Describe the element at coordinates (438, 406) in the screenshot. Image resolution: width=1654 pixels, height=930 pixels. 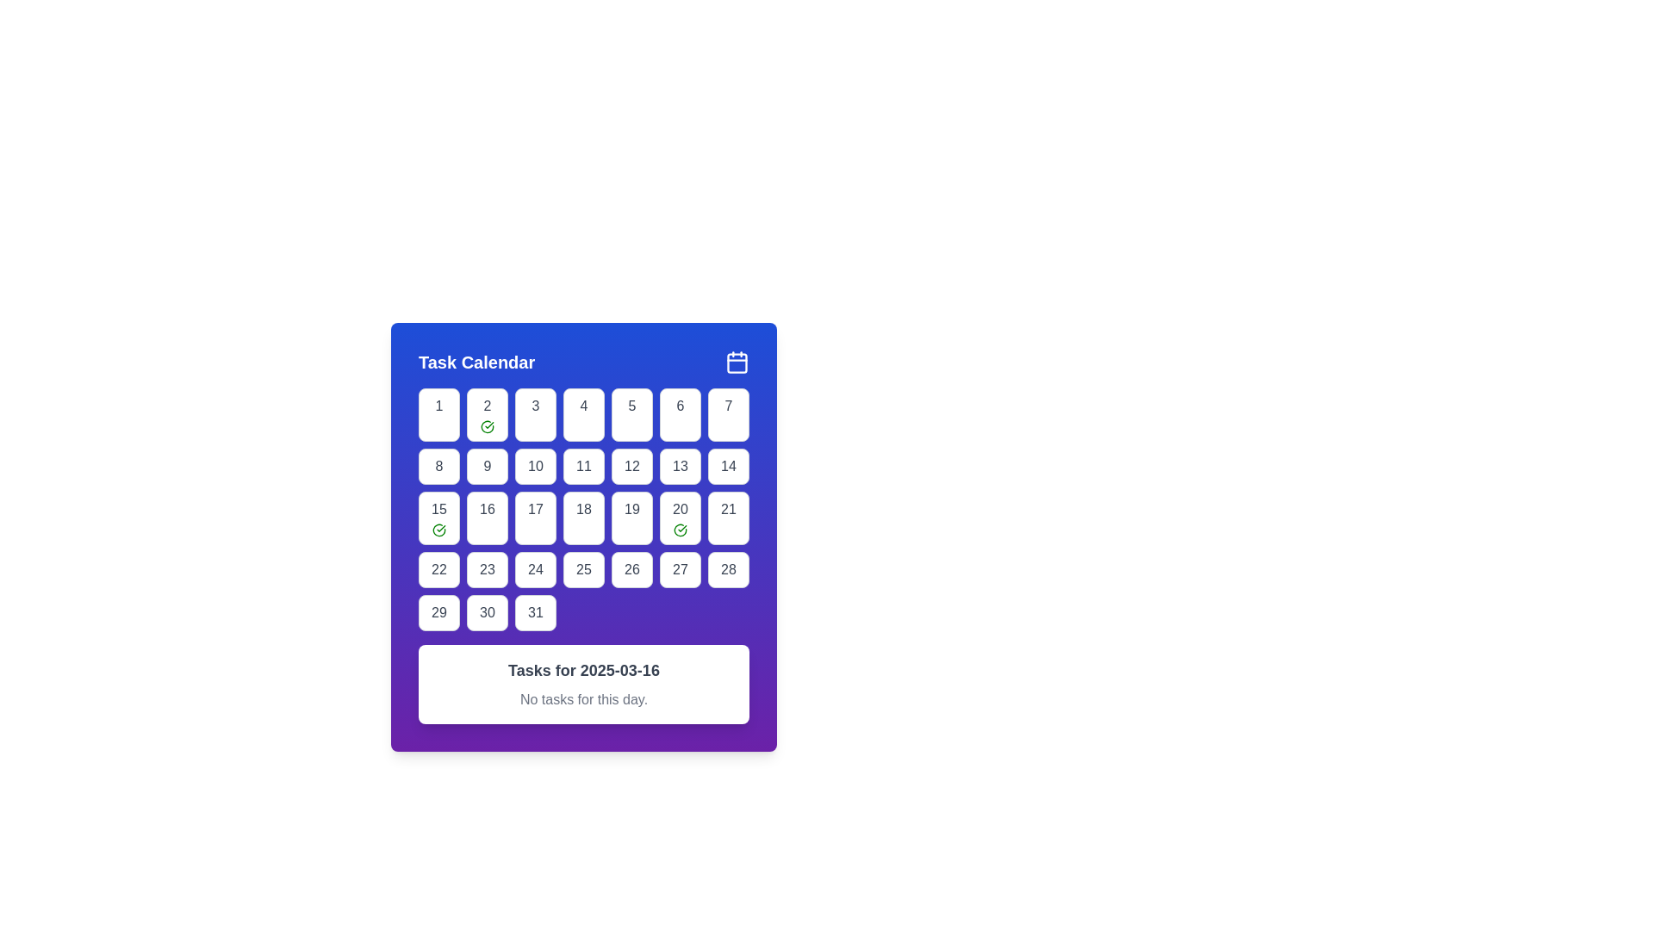
I see `the text component representing the first day in the calendar, located inside the top-left button of the calendar grid under 'Task Calendar'` at that location.